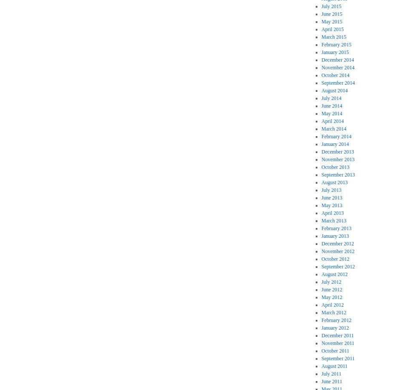 The image size is (417, 390). I want to click on 'April 2015', so click(332, 28).